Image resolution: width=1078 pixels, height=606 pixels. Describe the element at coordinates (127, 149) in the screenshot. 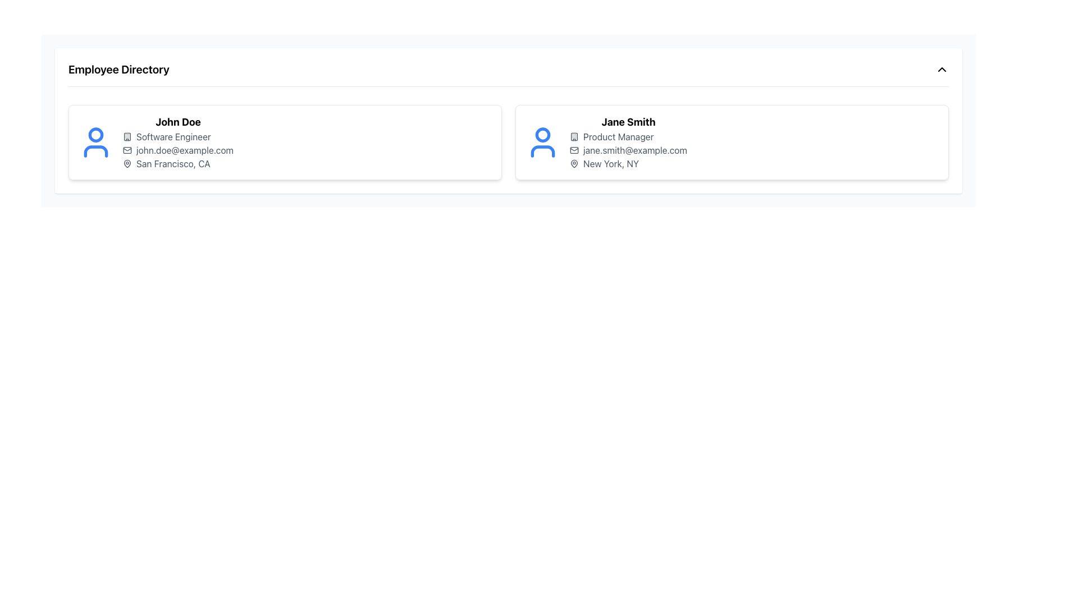

I see `the mail icon, which is a rectangular envelope shape with a triangular flap design, located adjacent to the text 'john.doe@example.com' in the employee information card for 'John Doe', through accessibility actions` at that location.